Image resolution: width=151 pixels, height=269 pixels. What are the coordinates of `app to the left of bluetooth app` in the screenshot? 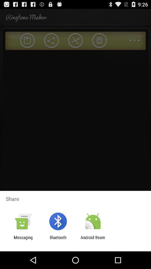 It's located at (23, 240).